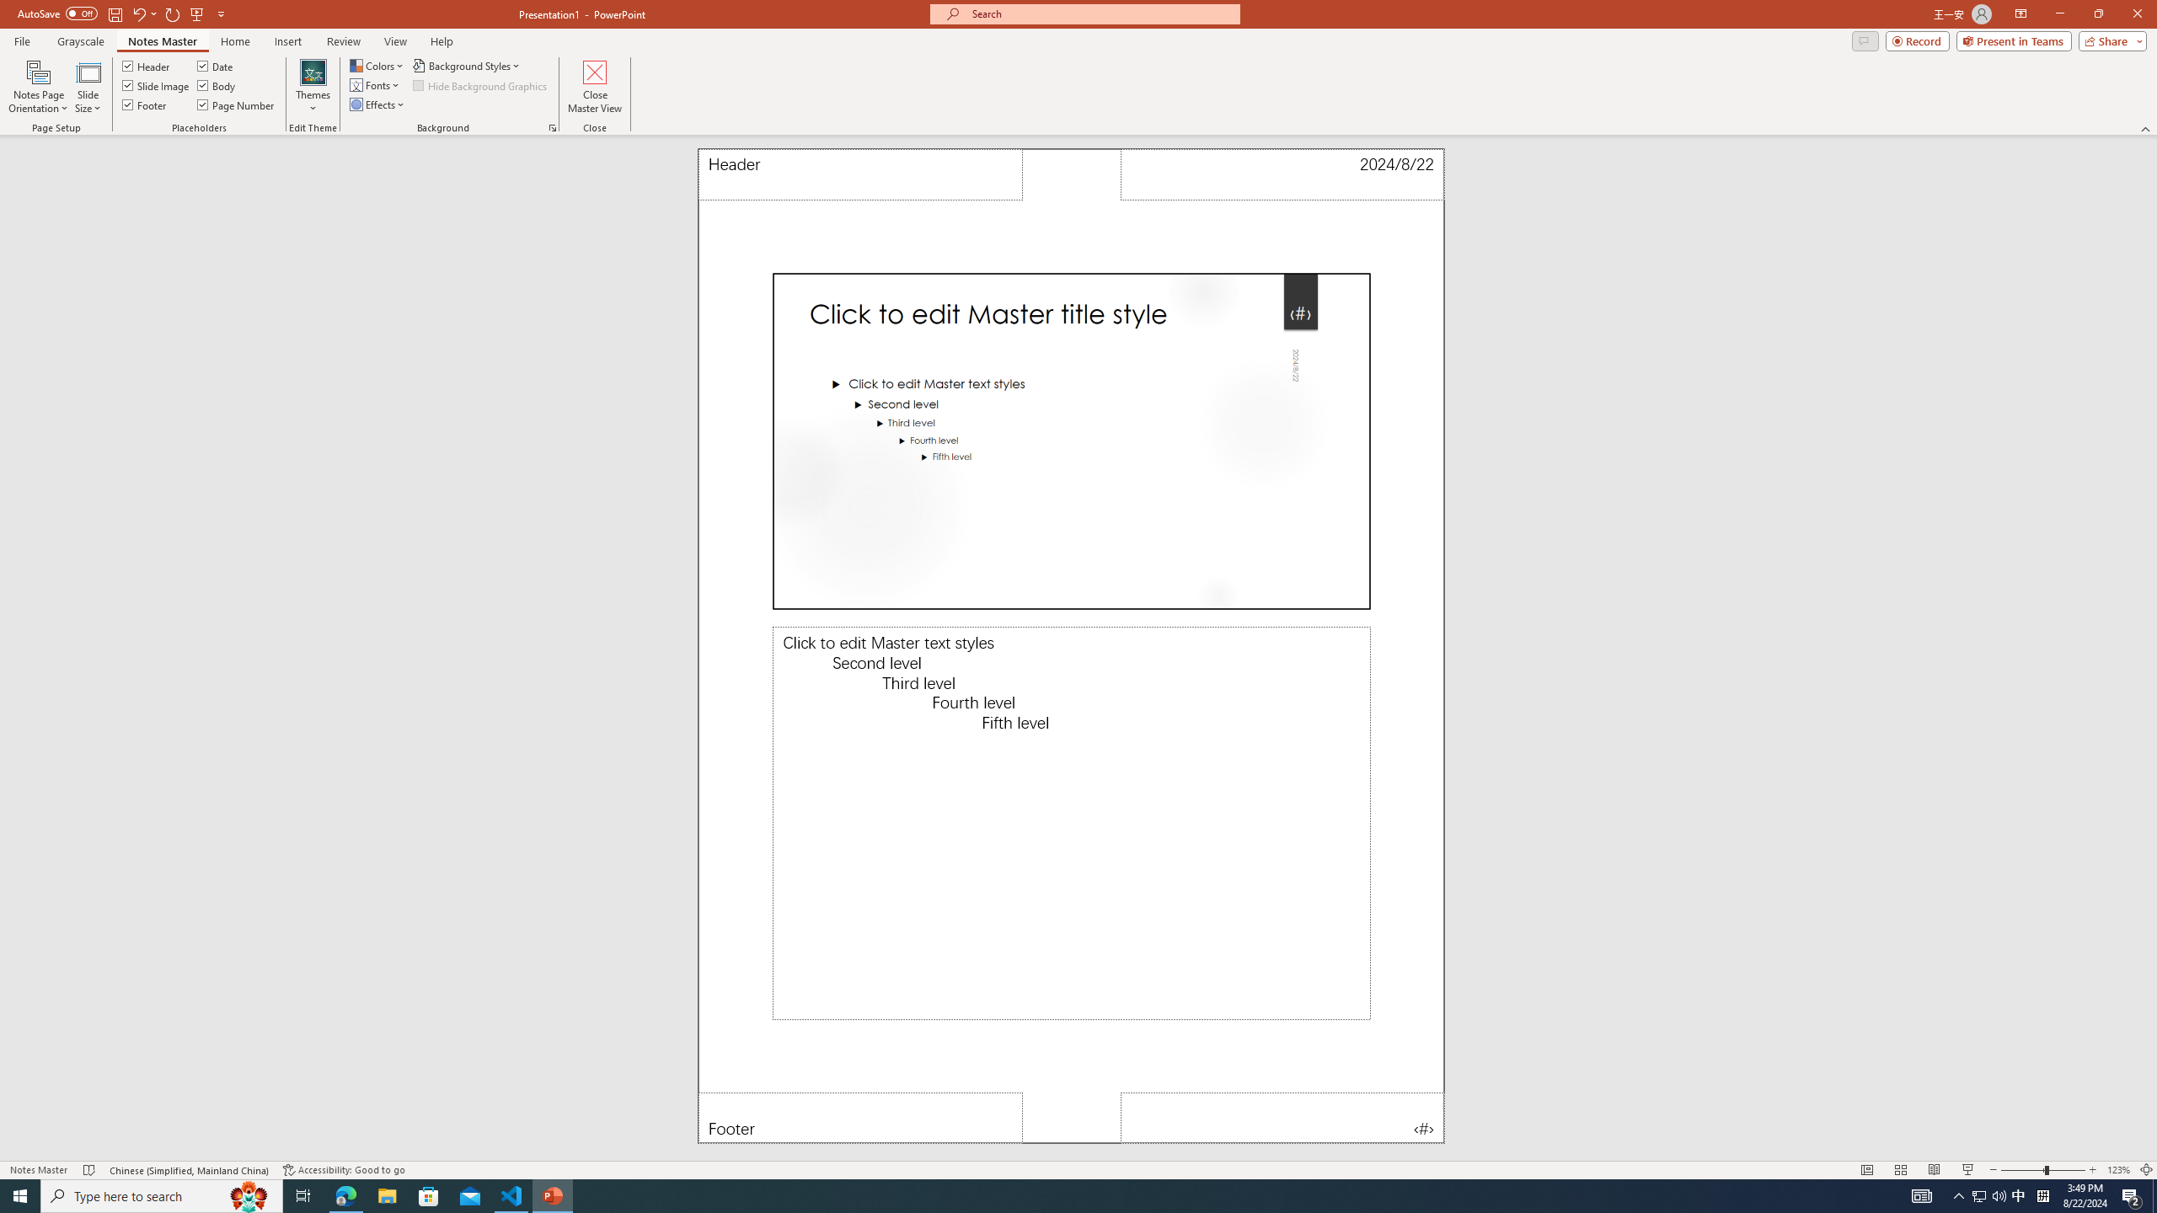  What do you see at coordinates (1071, 822) in the screenshot?
I see `'Slide Notes'` at bounding box center [1071, 822].